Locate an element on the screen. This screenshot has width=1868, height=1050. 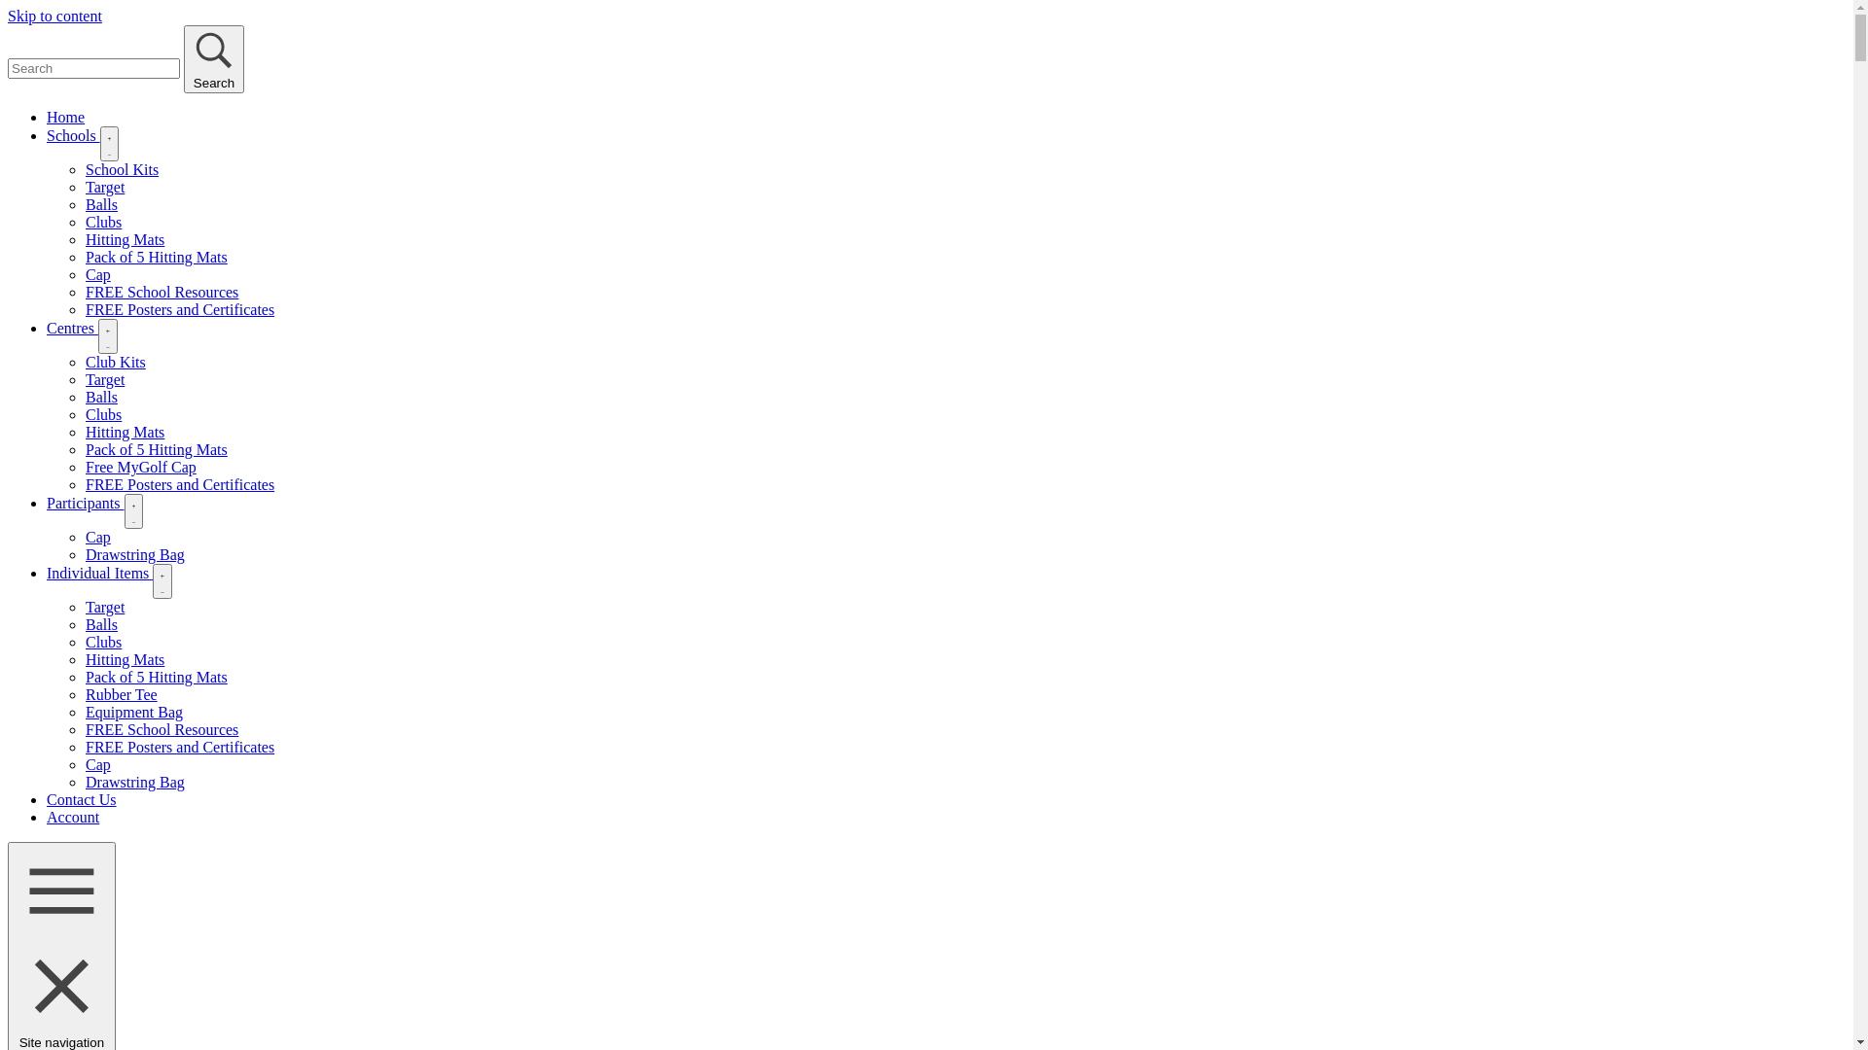
'Target' is located at coordinates (103, 187).